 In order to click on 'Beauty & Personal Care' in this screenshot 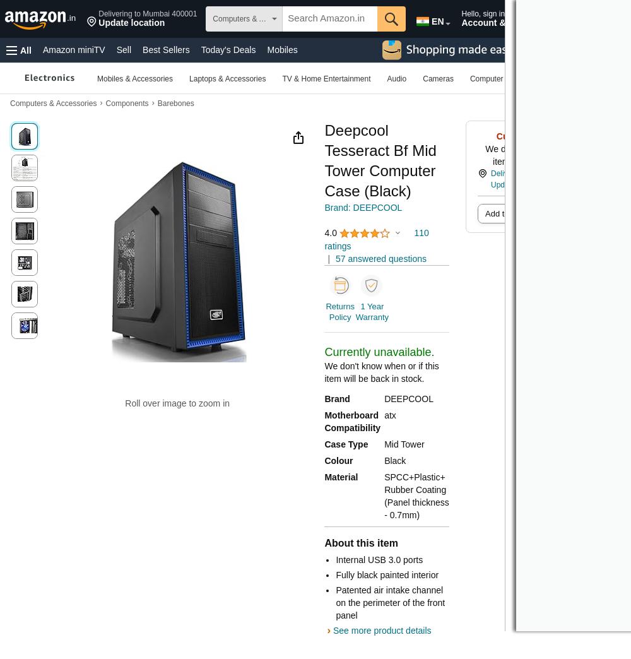, I will do `click(90, 122)`.